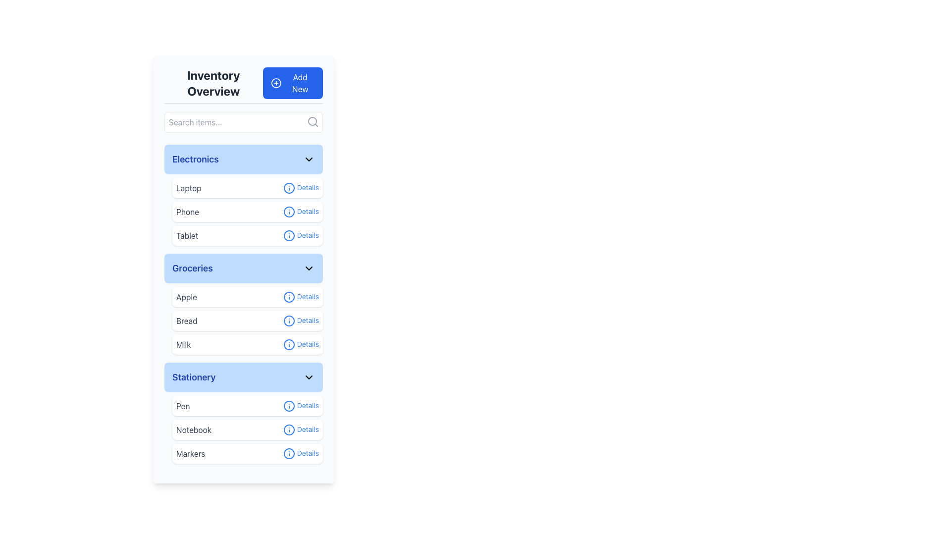 Image resolution: width=951 pixels, height=535 pixels. What do you see at coordinates (300, 453) in the screenshot?
I see `the 'Details' hyperlink with an information icon` at bounding box center [300, 453].